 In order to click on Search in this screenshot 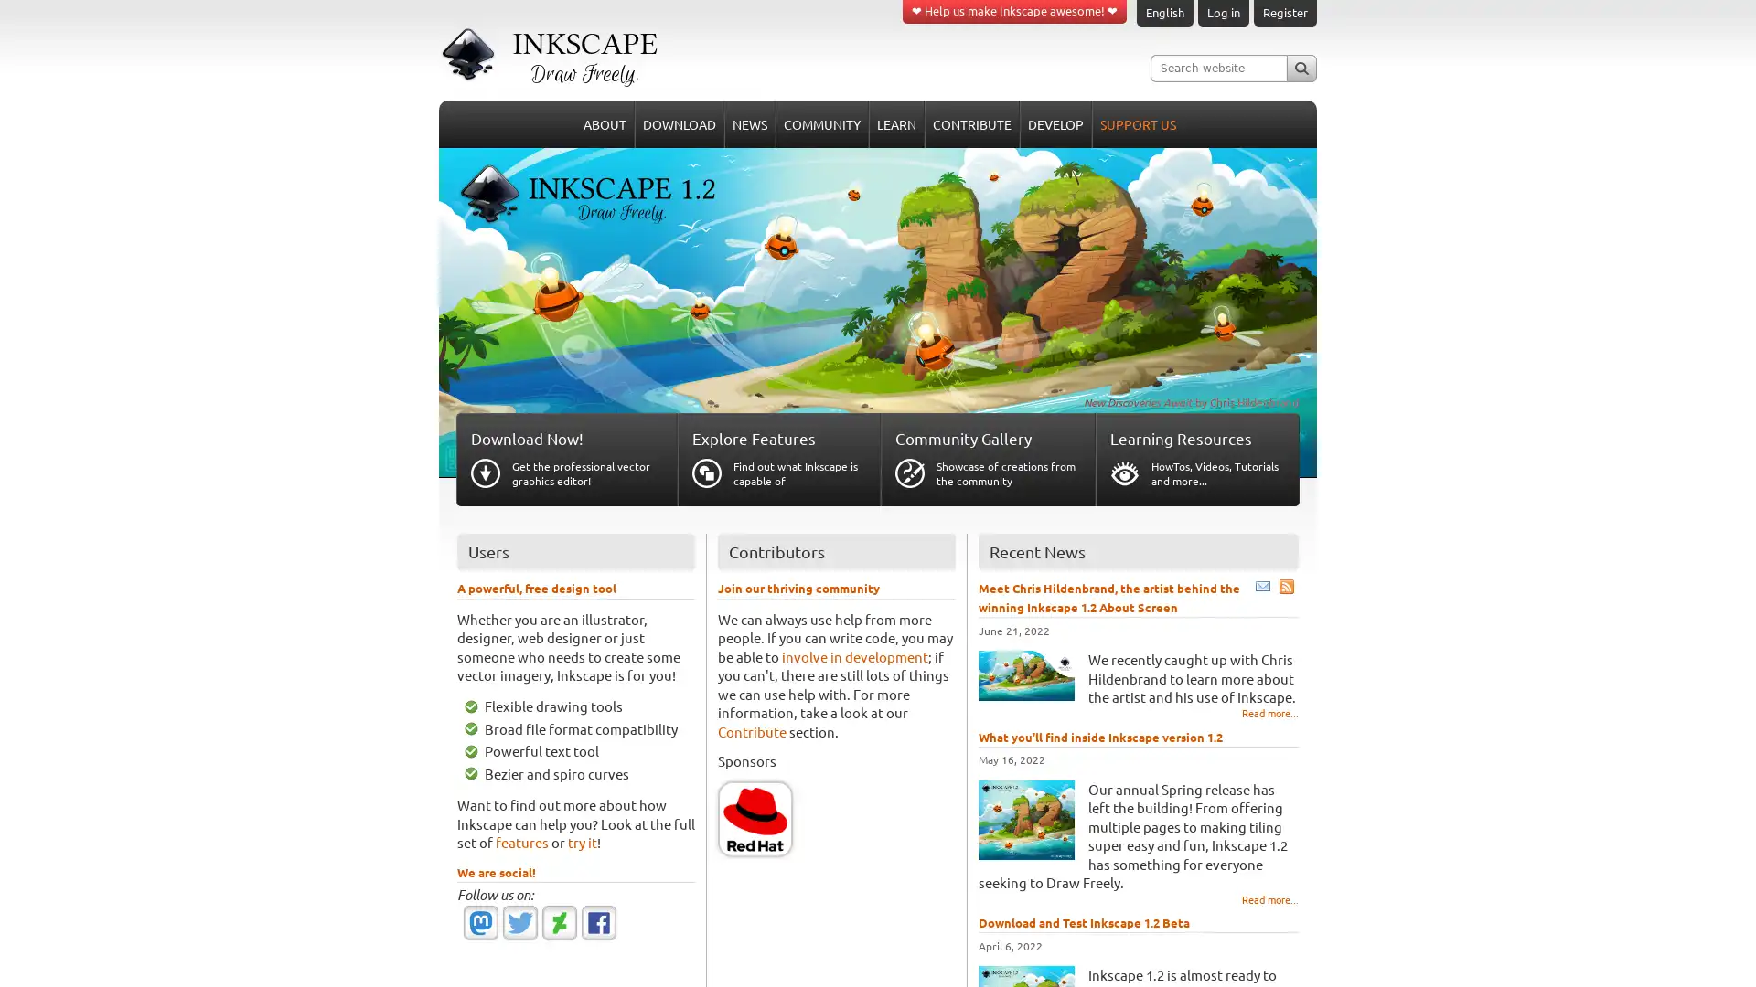, I will do `click(1301, 67)`.